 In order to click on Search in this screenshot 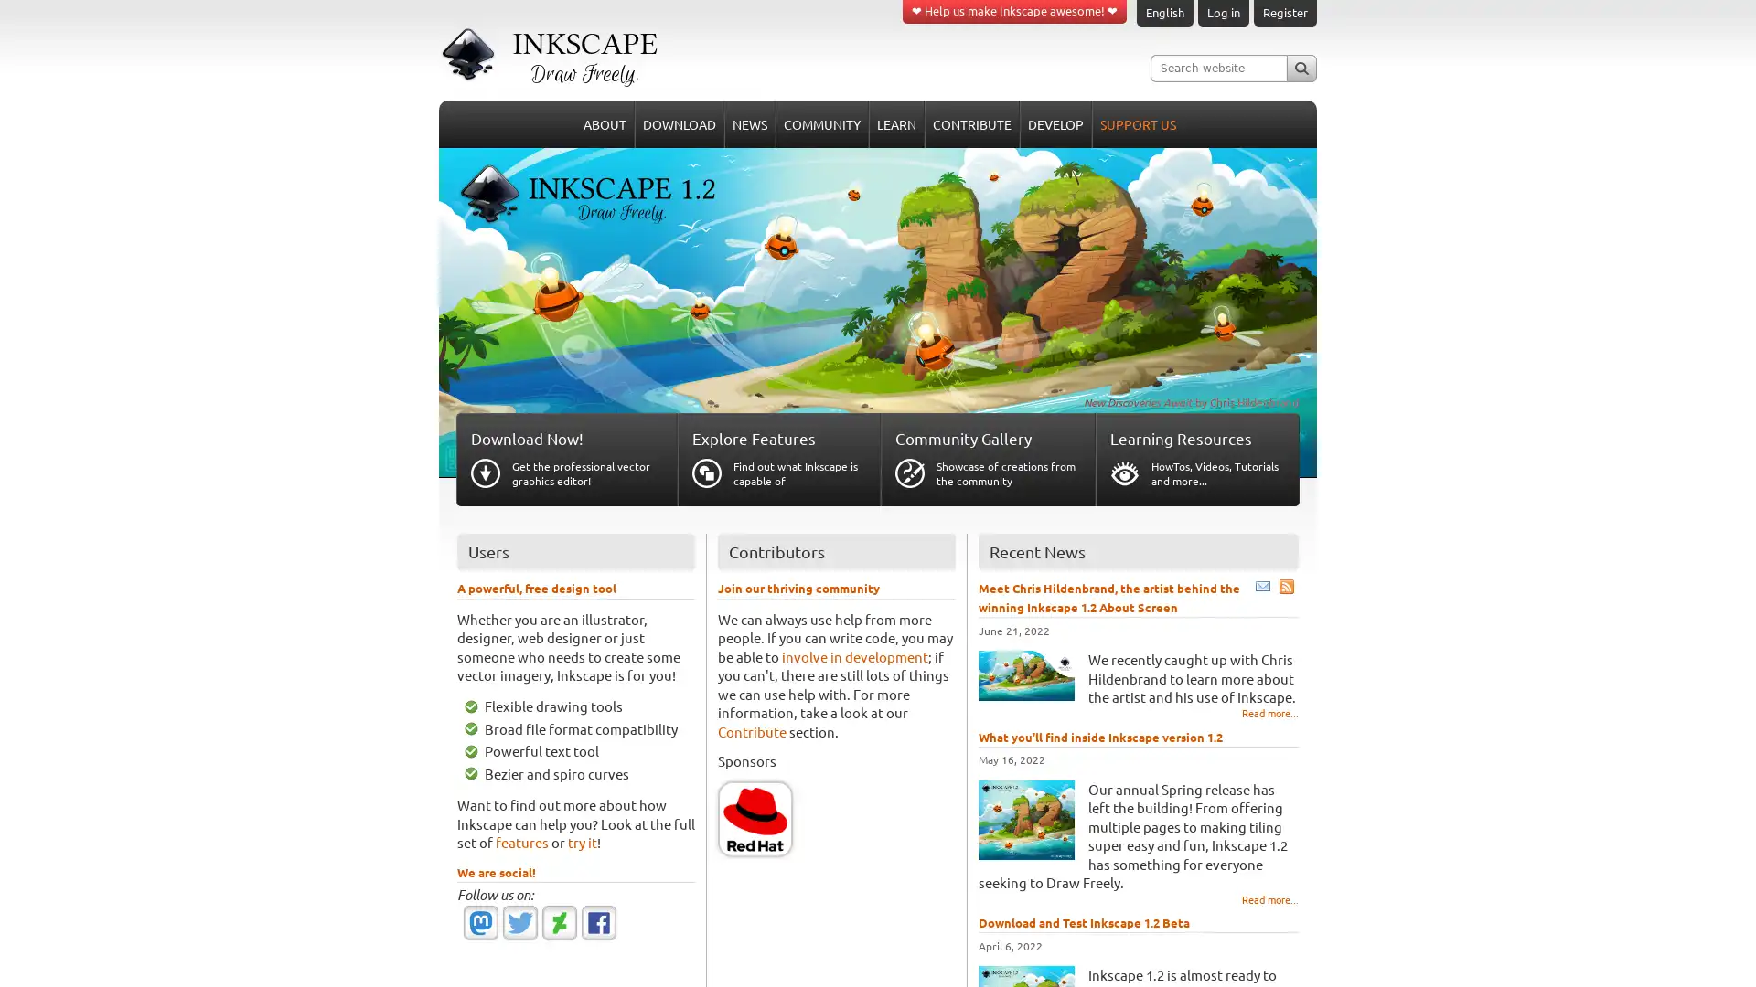, I will do `click(1301, 67)`.